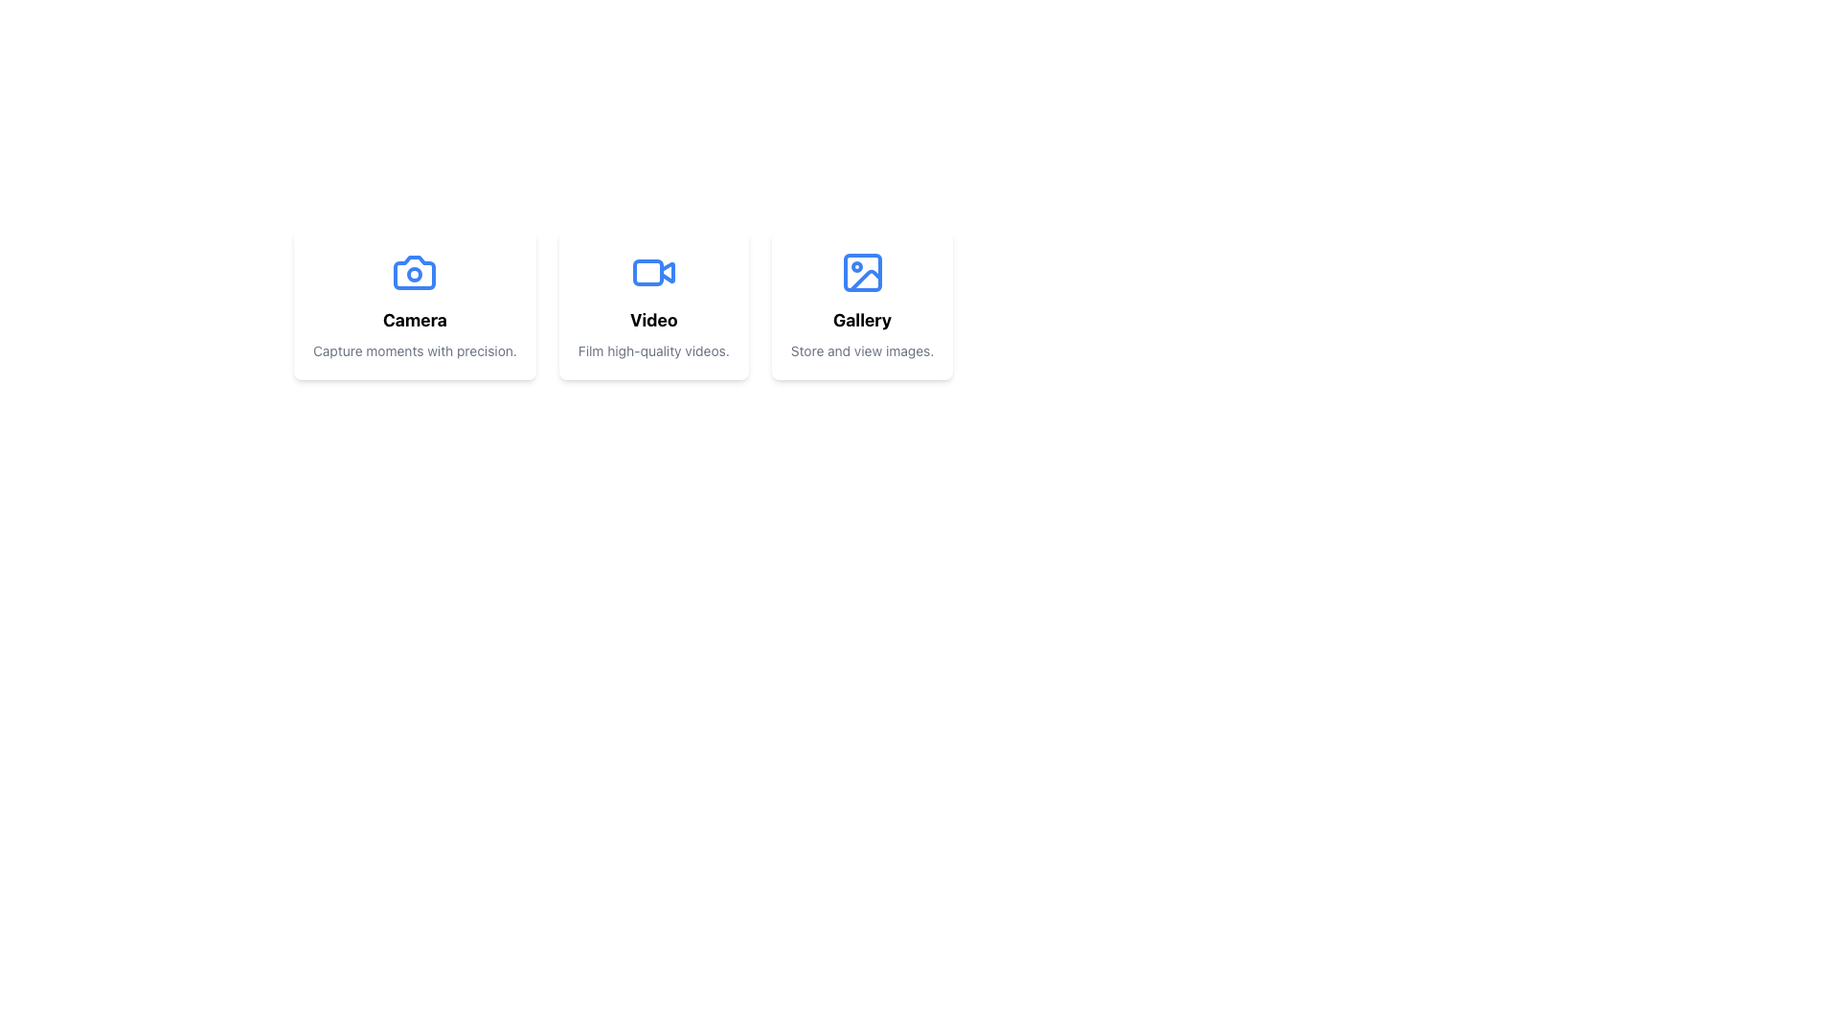  What do you see at coordinates (414, 304) in the screenshot?
I see `the first Static Card located at the top left of the group` at bounding box center [414, 304].